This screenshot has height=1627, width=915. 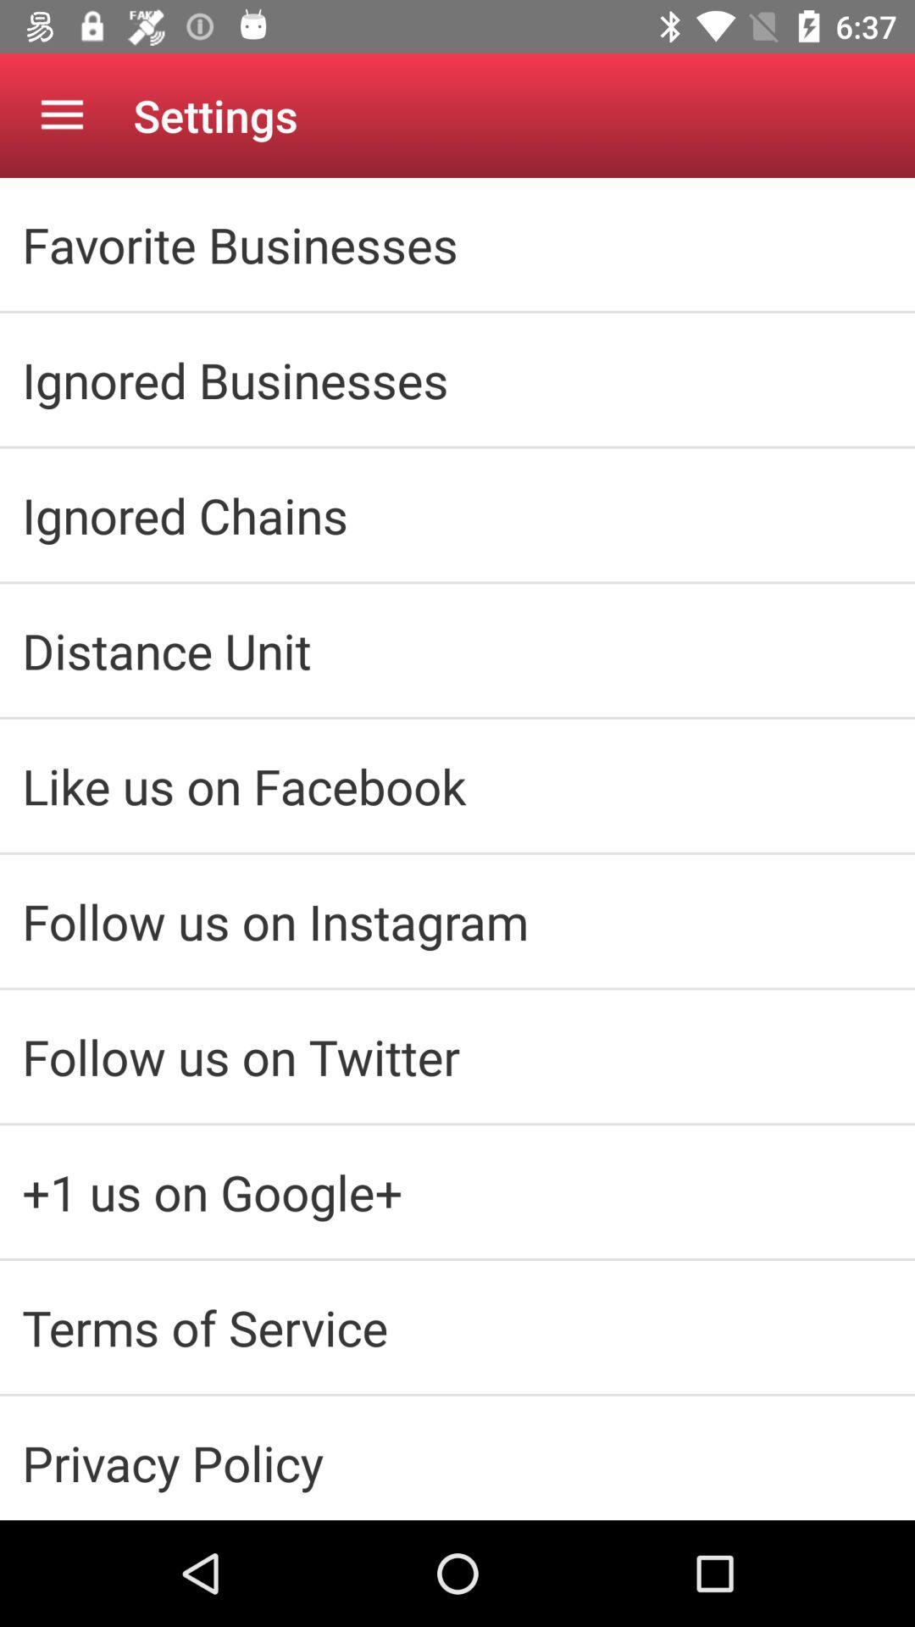 What do you see at coordinates (457, 649) in the screenshot?
I see `item below ignored chains icon` at bounding box center [457, 649].